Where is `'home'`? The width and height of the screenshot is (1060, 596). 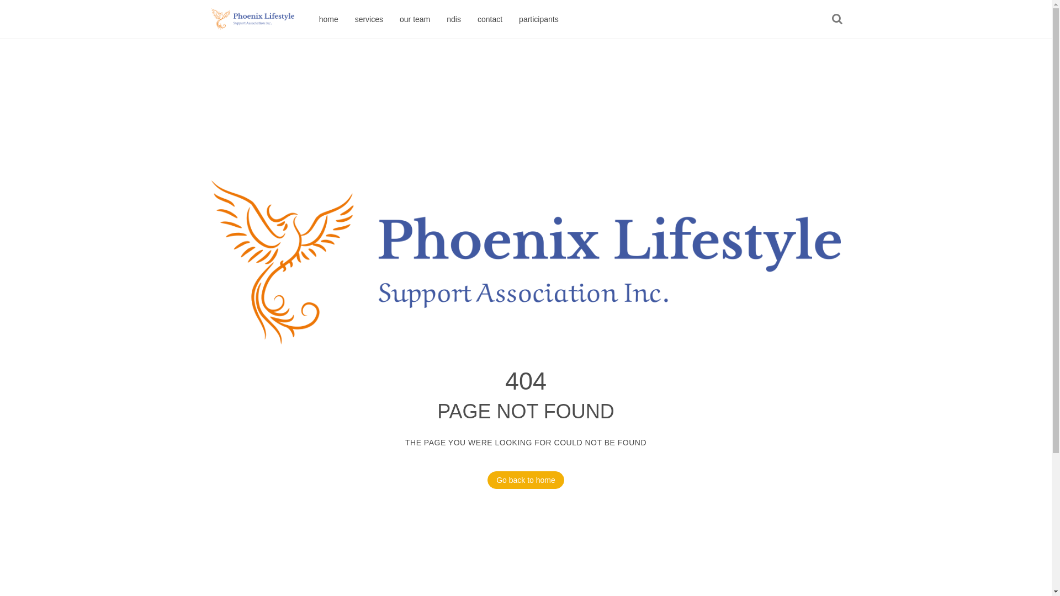
'home' is located at coordinates (310, 19).